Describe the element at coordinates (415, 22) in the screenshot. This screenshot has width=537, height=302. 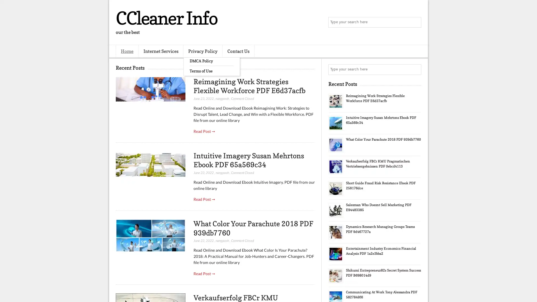
I see `Search` at that location.